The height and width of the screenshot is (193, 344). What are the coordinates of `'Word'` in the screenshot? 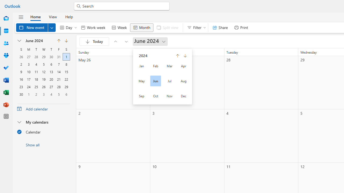 It's located at (6, 80).